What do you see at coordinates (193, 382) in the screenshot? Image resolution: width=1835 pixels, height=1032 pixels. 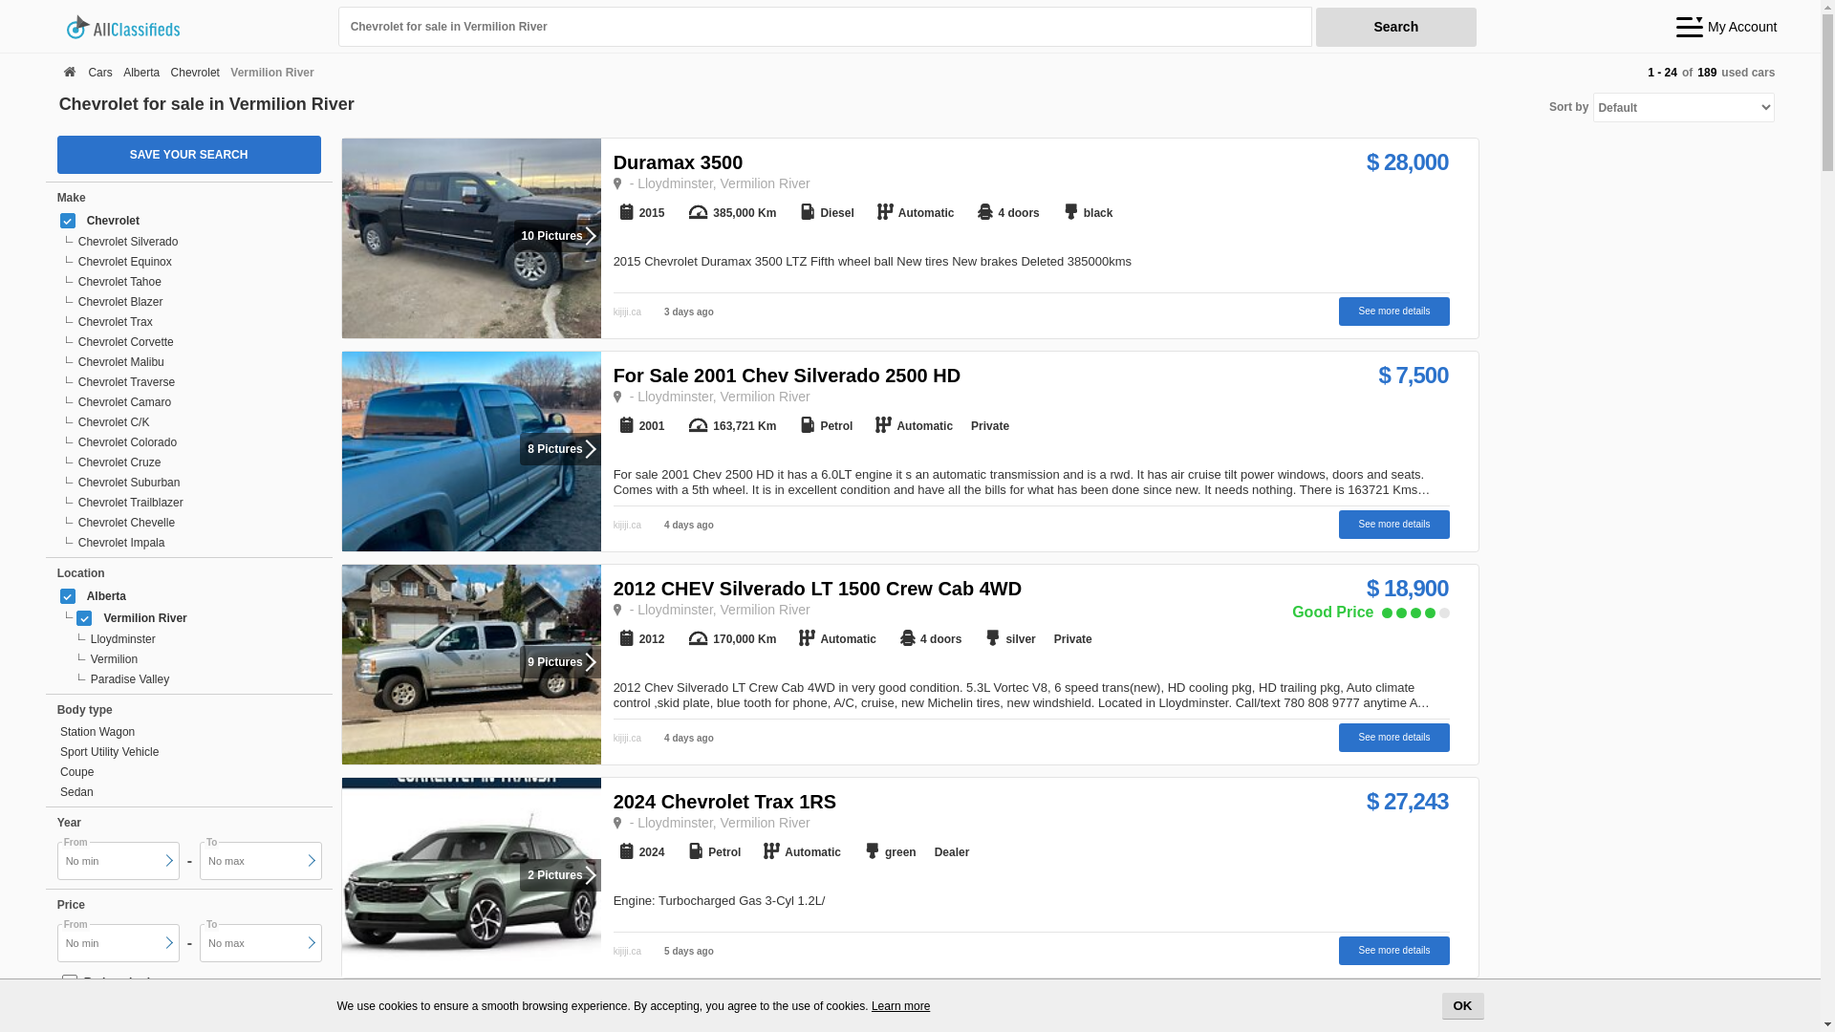 I see `'Chevrolet Traverse'` at bounding box center [193, 382].